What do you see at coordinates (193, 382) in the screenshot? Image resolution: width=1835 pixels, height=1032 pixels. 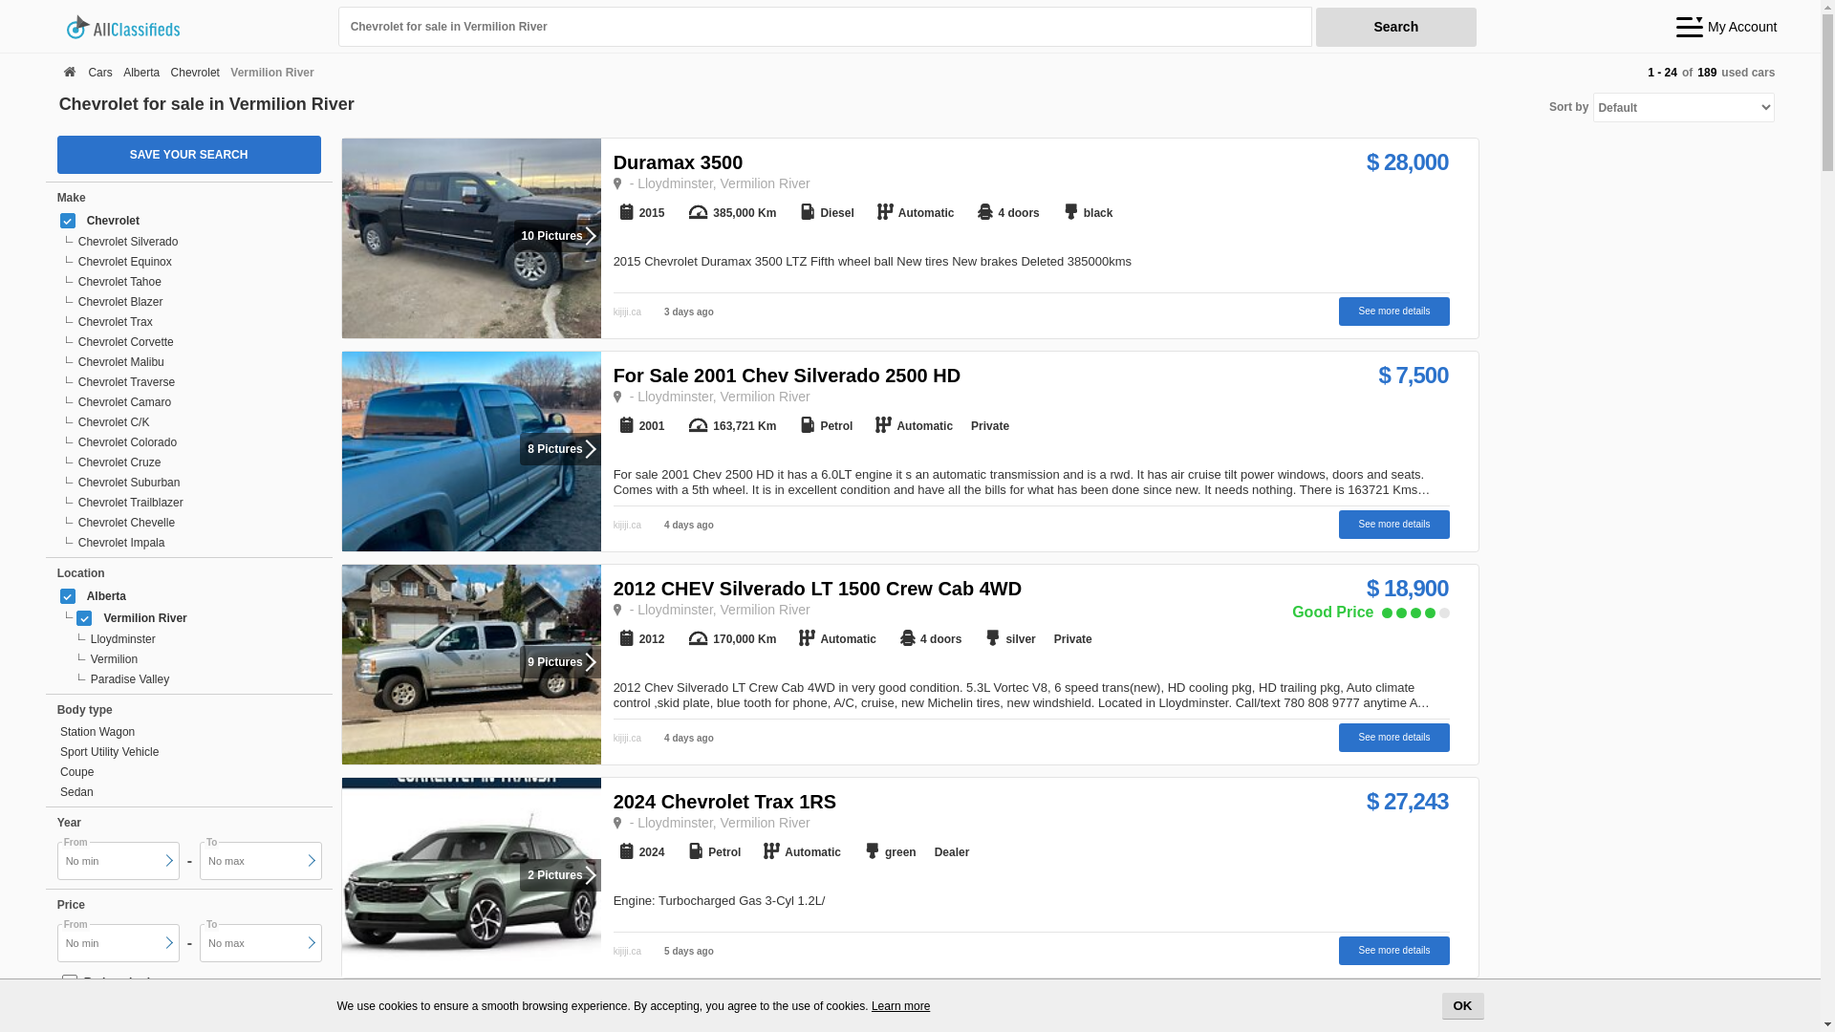 I see `'Chevrolet Traverse'` at bounding box center [193, 382].